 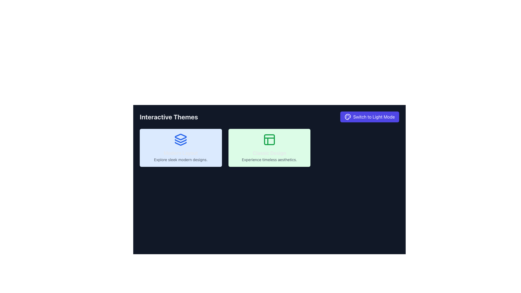 I want to click on the bottommost layer of the stack represented by a thin, curved, blue-colored vector resembling a chevron in the 'Modern Layout' icon, so click(x=181, y=143).